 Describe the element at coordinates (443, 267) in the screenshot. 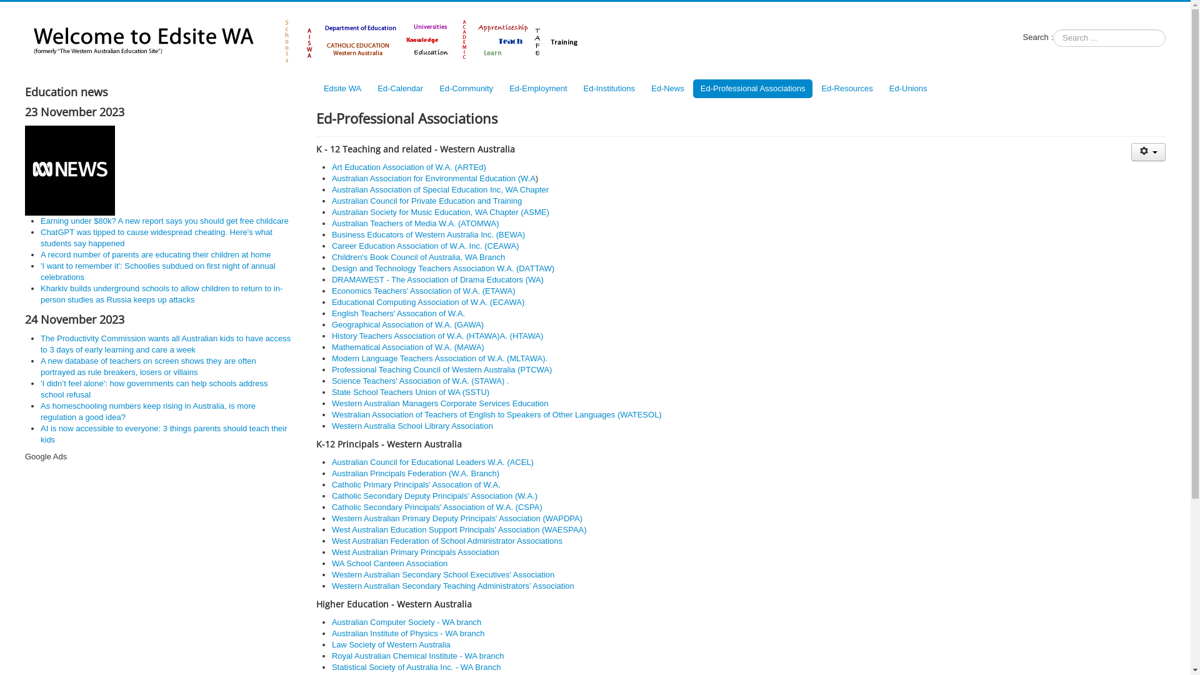

I see `'Design and Technology Teachers Association W.A. (DATTAW)'` at that location.